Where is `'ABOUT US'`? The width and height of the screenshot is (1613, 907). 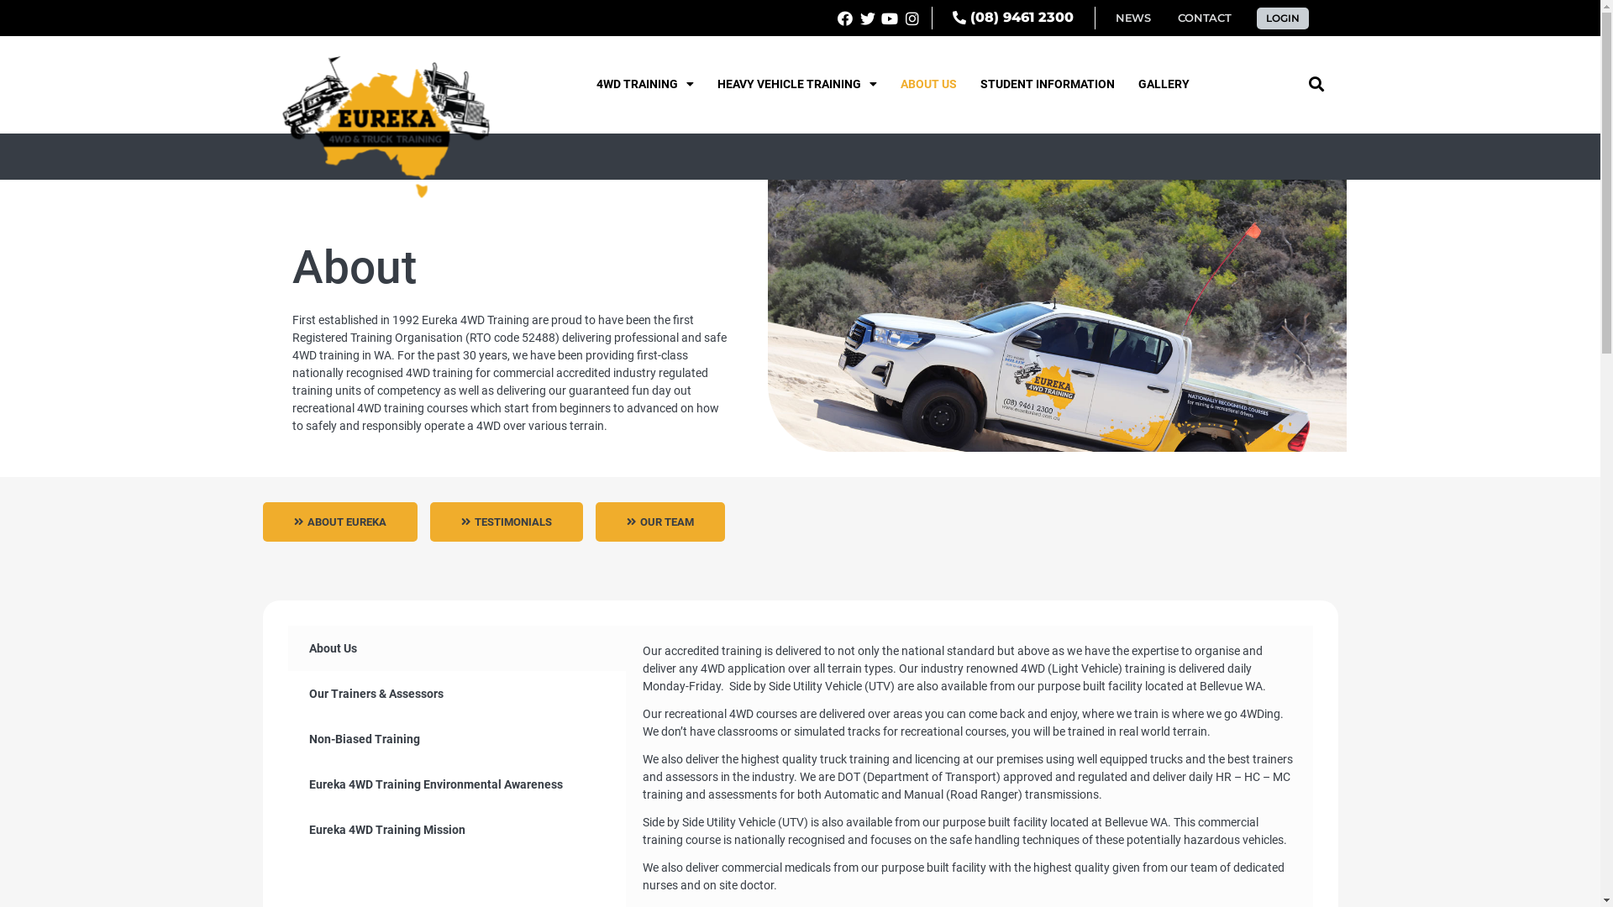 'ABOUT US' is located at coordinates (927, 84).